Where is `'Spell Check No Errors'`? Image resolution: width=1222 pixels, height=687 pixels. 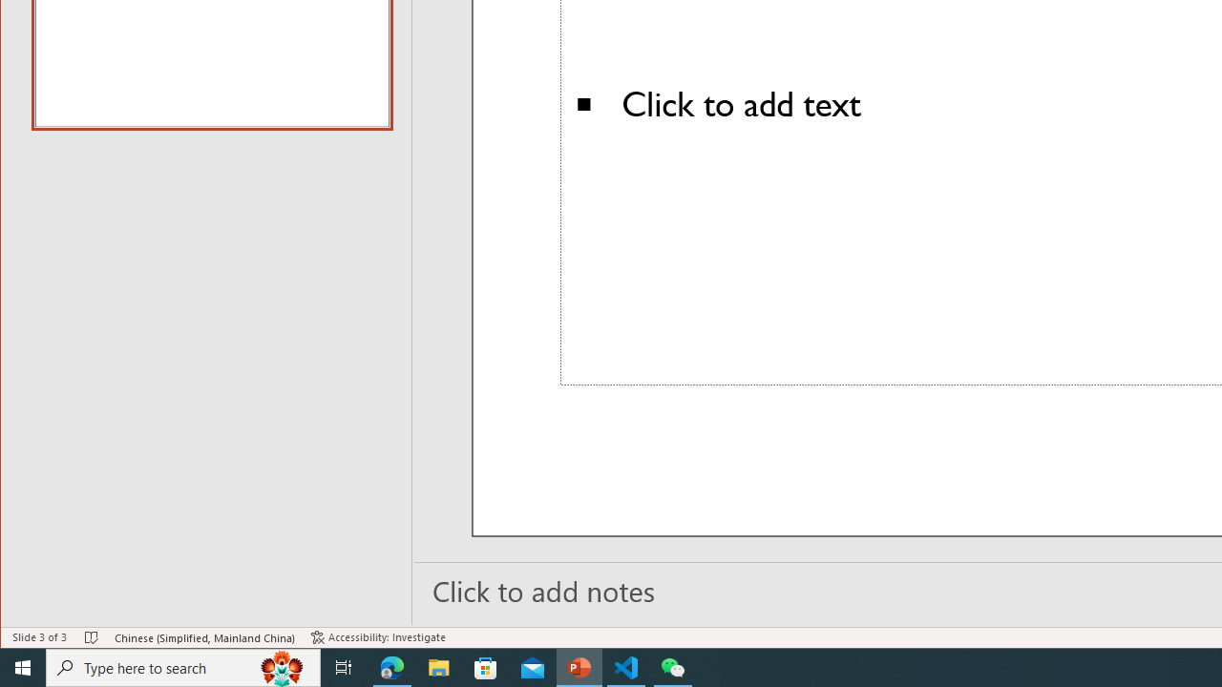 'Spell Check No Errors' is located at coordinates (91, 637).